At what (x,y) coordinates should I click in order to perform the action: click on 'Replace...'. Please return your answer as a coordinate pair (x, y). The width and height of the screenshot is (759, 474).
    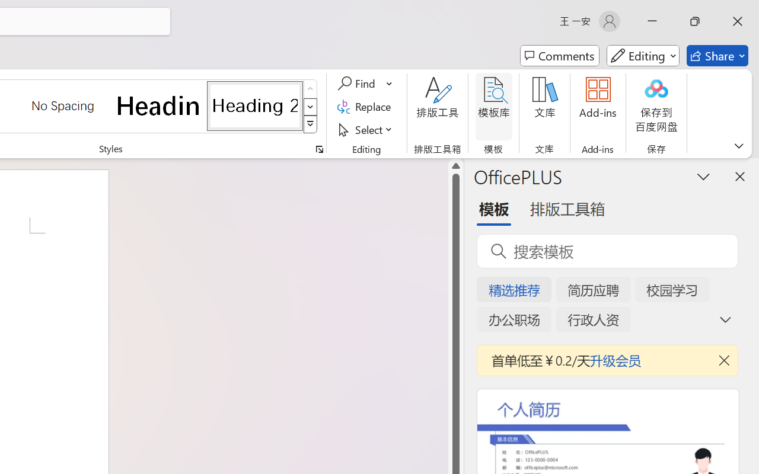
    Looking at the image, I should click on (365, 106).